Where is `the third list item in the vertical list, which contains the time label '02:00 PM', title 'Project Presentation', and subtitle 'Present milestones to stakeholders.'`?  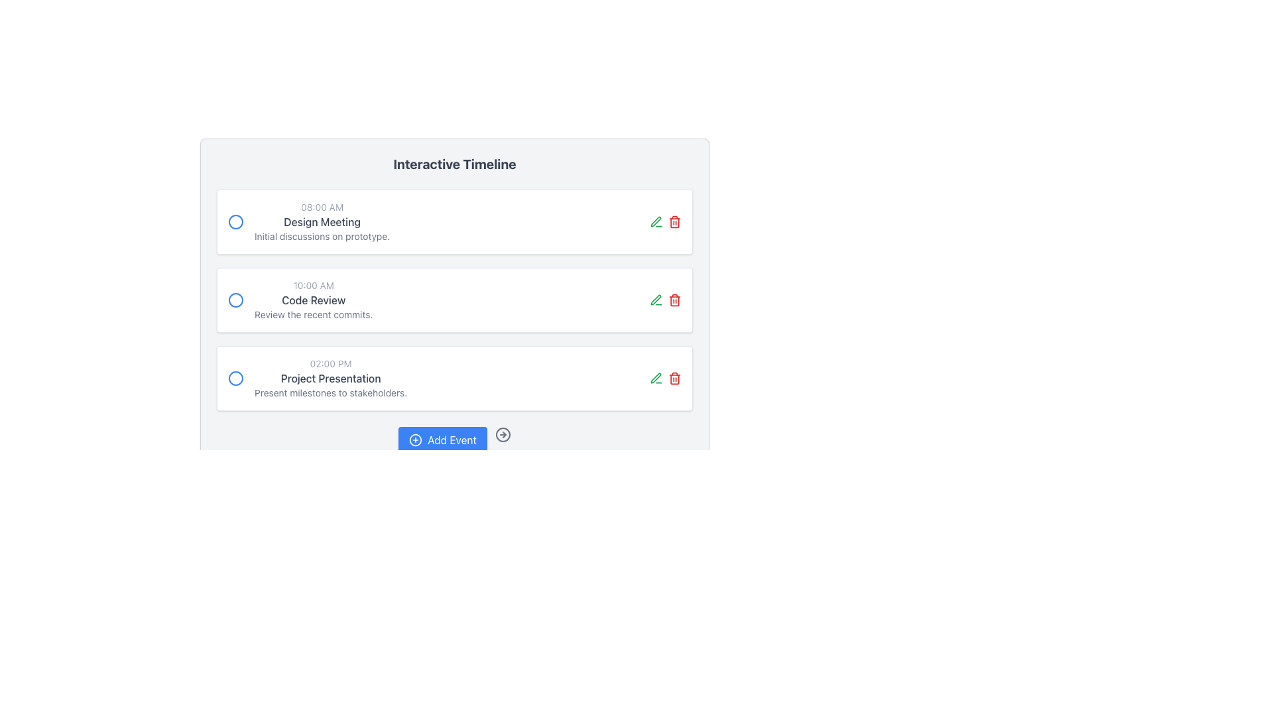
the third list item in the vertical list, which contains the time label '02:00 PM', title 'Project Presentation', and subtitle 'Present milestones to stakeholders.' is located at coordinates (317, 378).